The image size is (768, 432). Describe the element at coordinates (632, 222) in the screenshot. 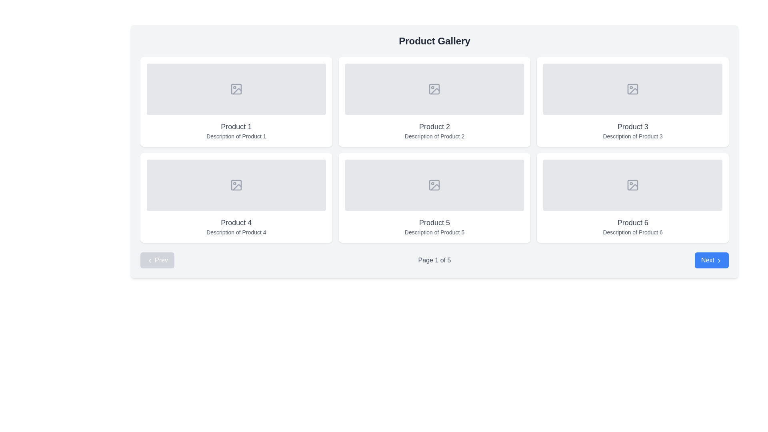

I see `the product title text label located in the second row, third column of the grid, directly above the description 'Description of Product 6'` at that location.